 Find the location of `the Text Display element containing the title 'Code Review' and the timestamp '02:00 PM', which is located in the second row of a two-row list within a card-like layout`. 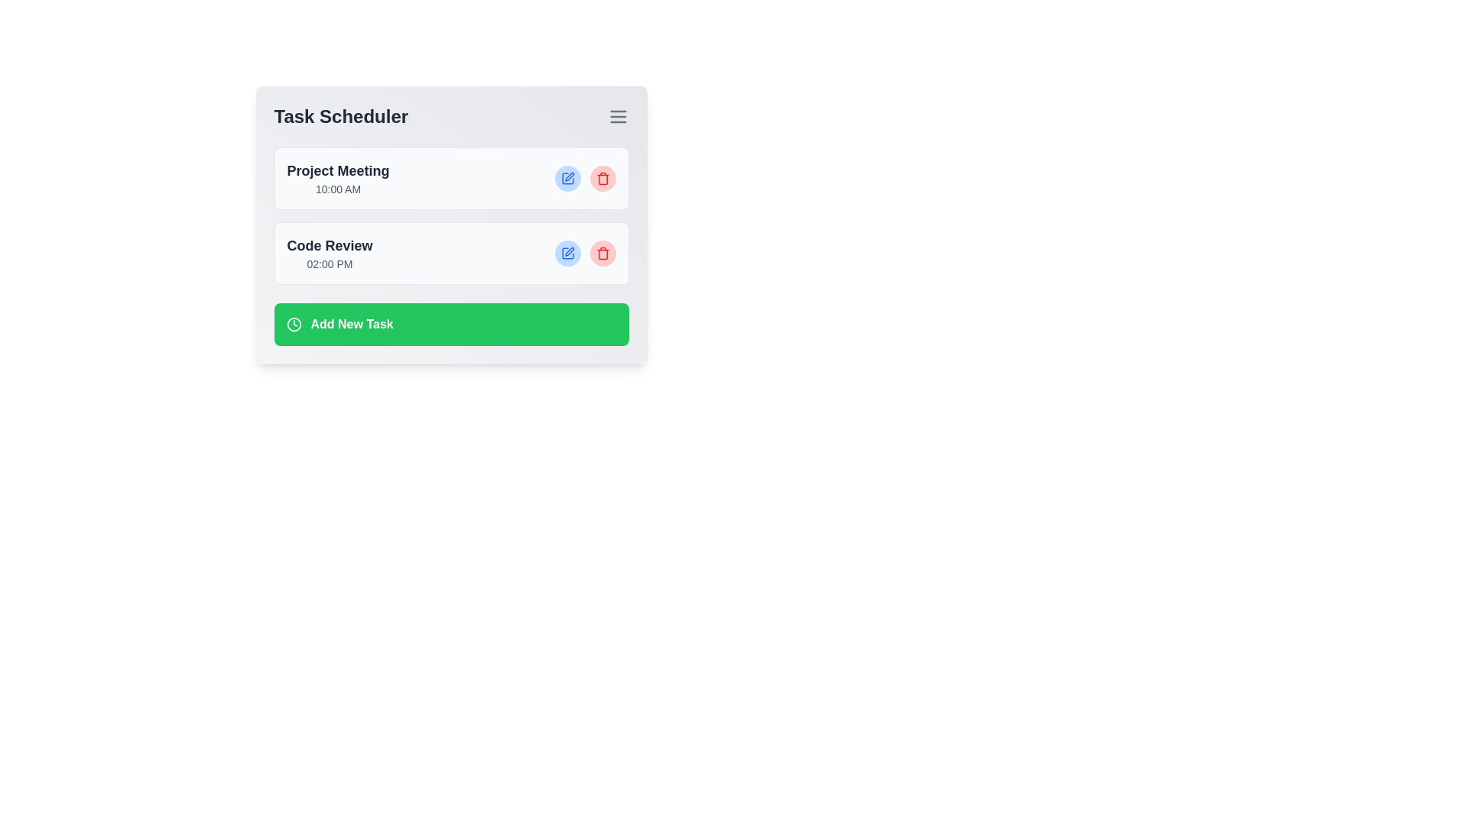

the Text Display element containing the title 'Code Review' and the timestamp '02:00 PM', which is located in the second row of a two-row list within a card-like layout is located at coordinates (329, 252).